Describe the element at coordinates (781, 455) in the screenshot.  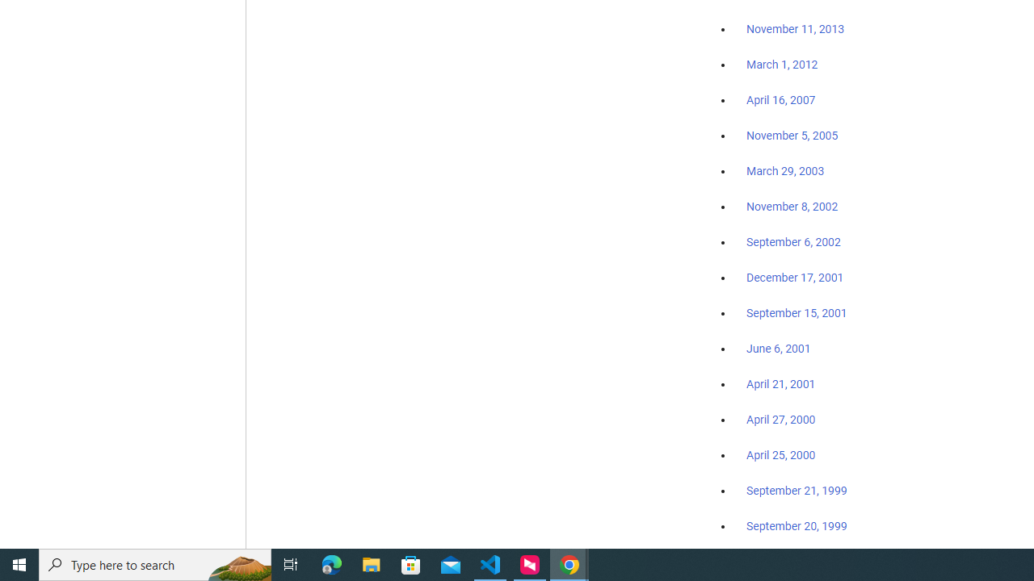
I see `'April 25, 2000'` at that location.